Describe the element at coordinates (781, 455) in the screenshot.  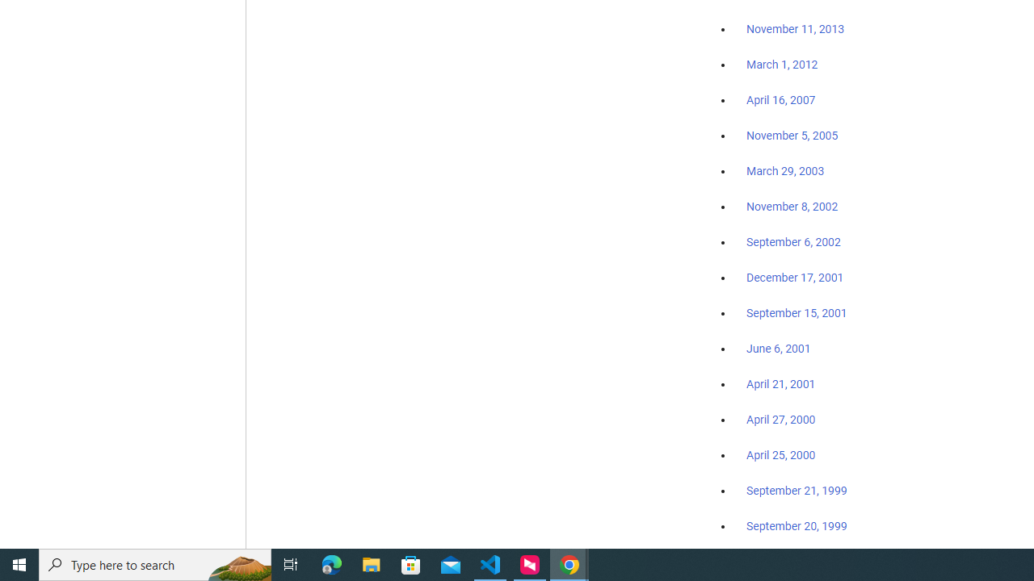
I see `'April 25, 2000'` at that location.